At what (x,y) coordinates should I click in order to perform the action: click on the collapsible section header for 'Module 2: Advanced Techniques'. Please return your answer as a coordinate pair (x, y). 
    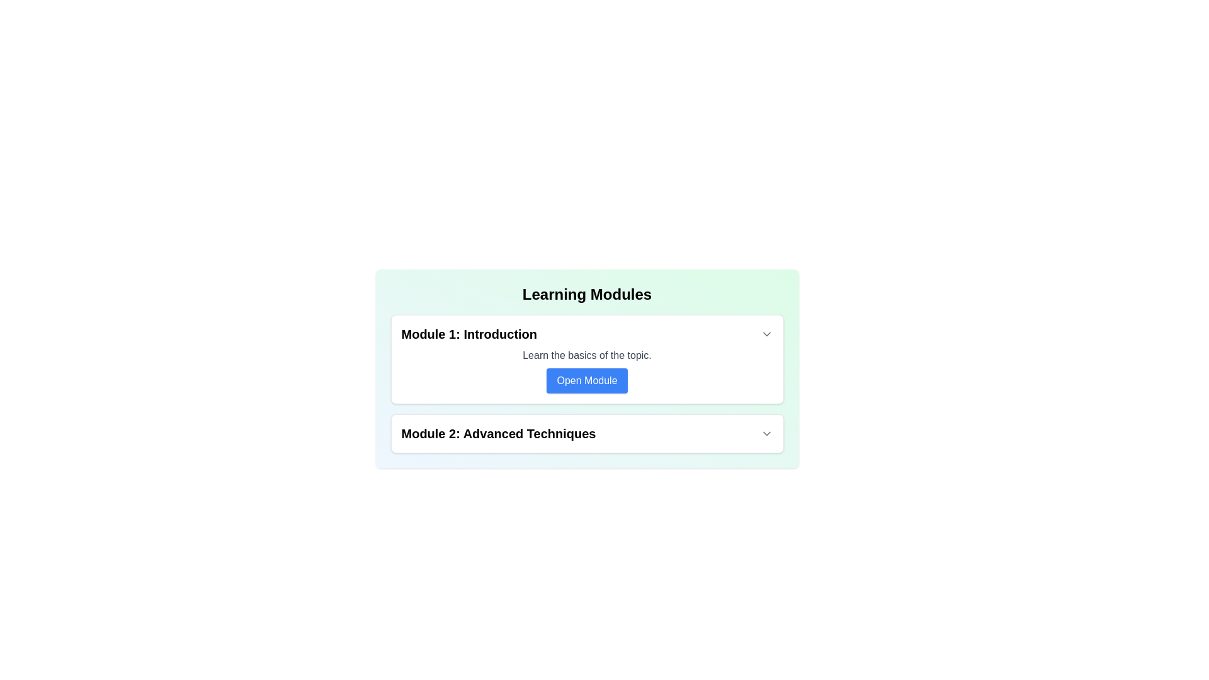
    Looking at the image, I should click on (586, 433).